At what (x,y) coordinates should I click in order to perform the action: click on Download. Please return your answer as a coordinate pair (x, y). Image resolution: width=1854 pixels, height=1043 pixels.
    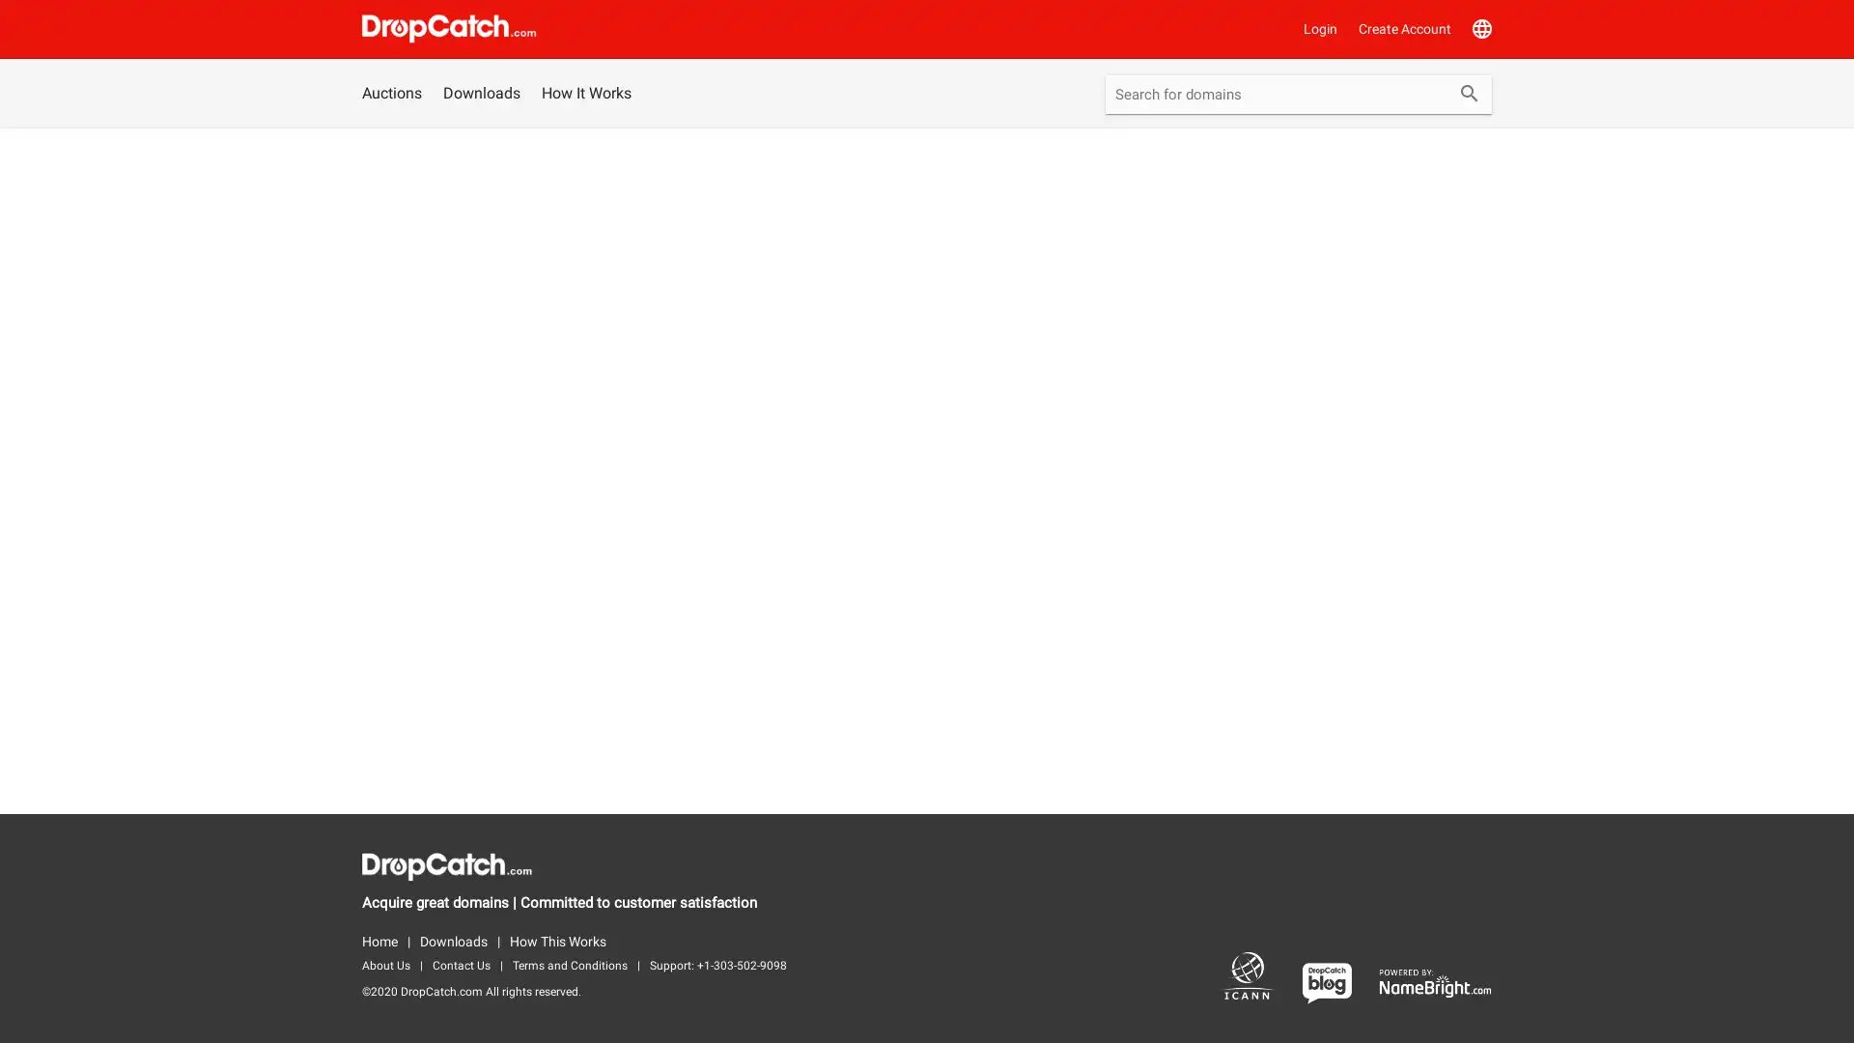
    Looking at the image, I should click on (1005, 570).